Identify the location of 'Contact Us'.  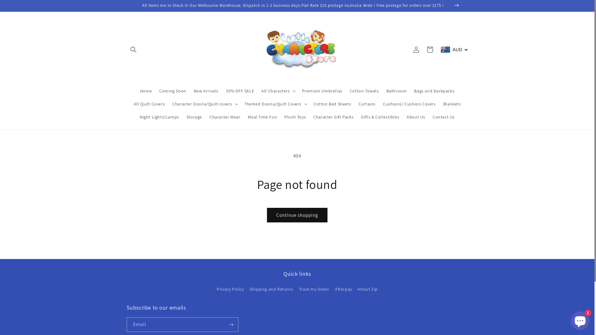
(443, 117).